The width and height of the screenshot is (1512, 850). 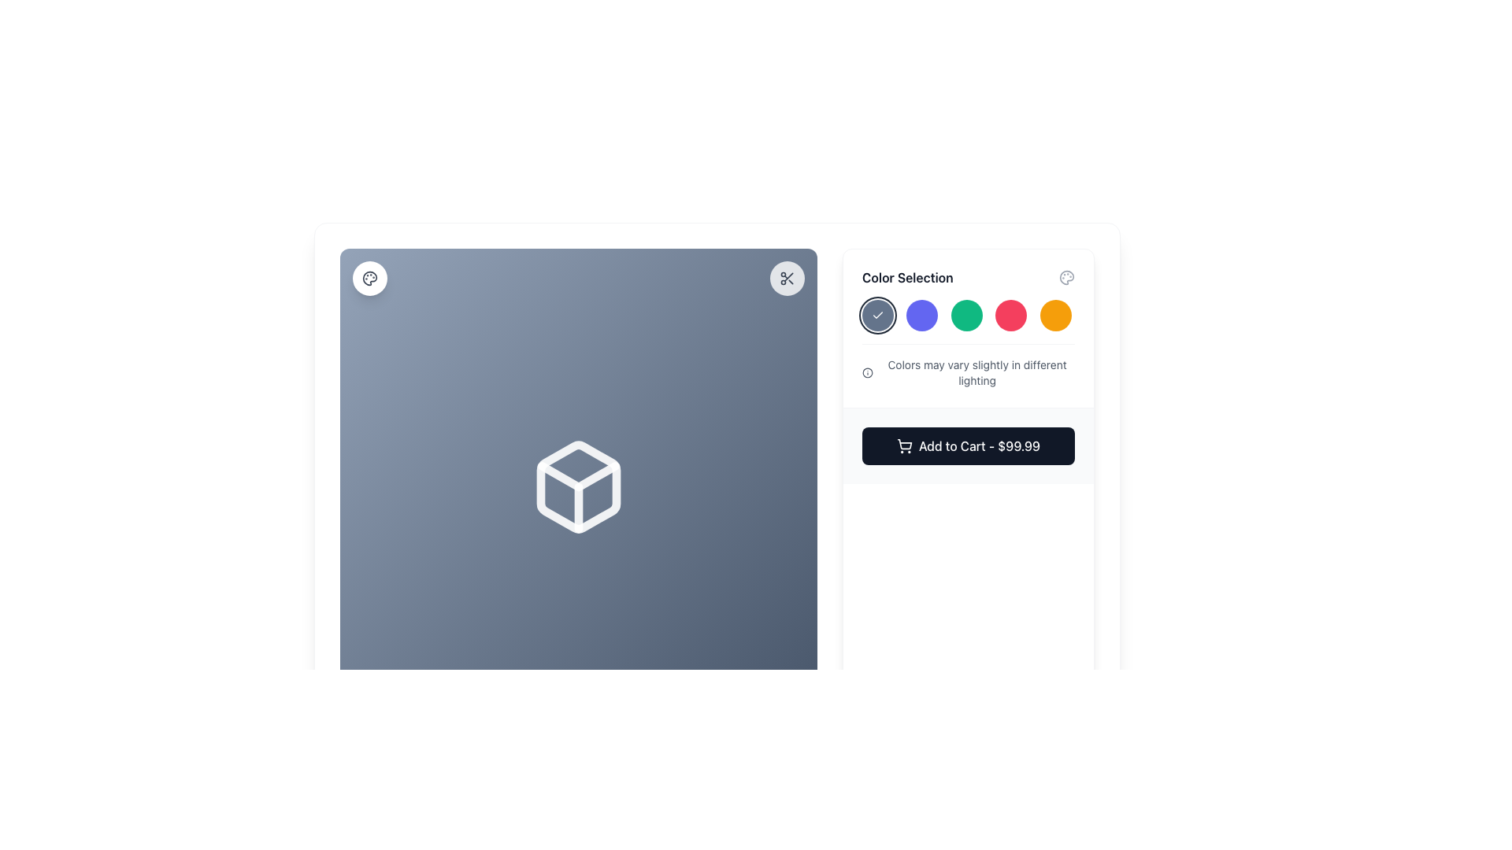 I want to click on the static text label that provides cautionary messages regarding color appearance under different lighting conditions, located near the center of the color selection panel, so click(x=976, y=373).